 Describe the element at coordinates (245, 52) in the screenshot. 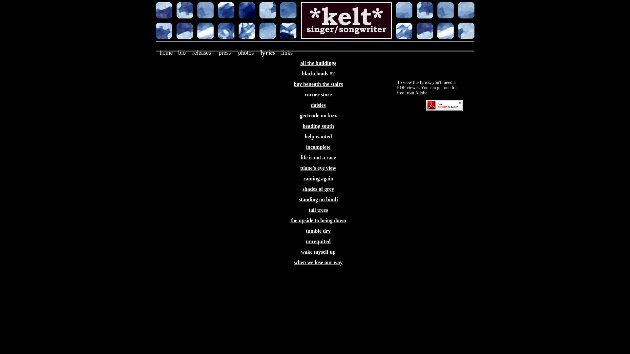

I see `'photos'` at that location.